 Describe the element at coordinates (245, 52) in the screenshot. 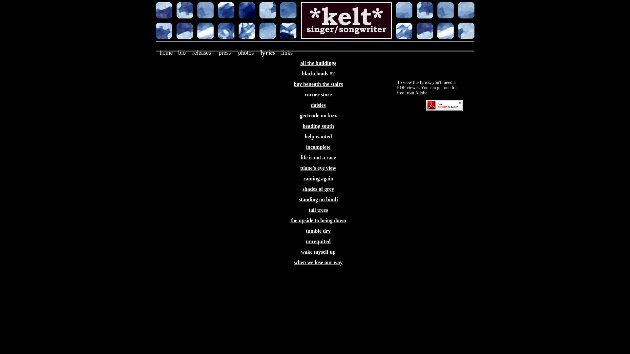

I see `'photos'` at that location.